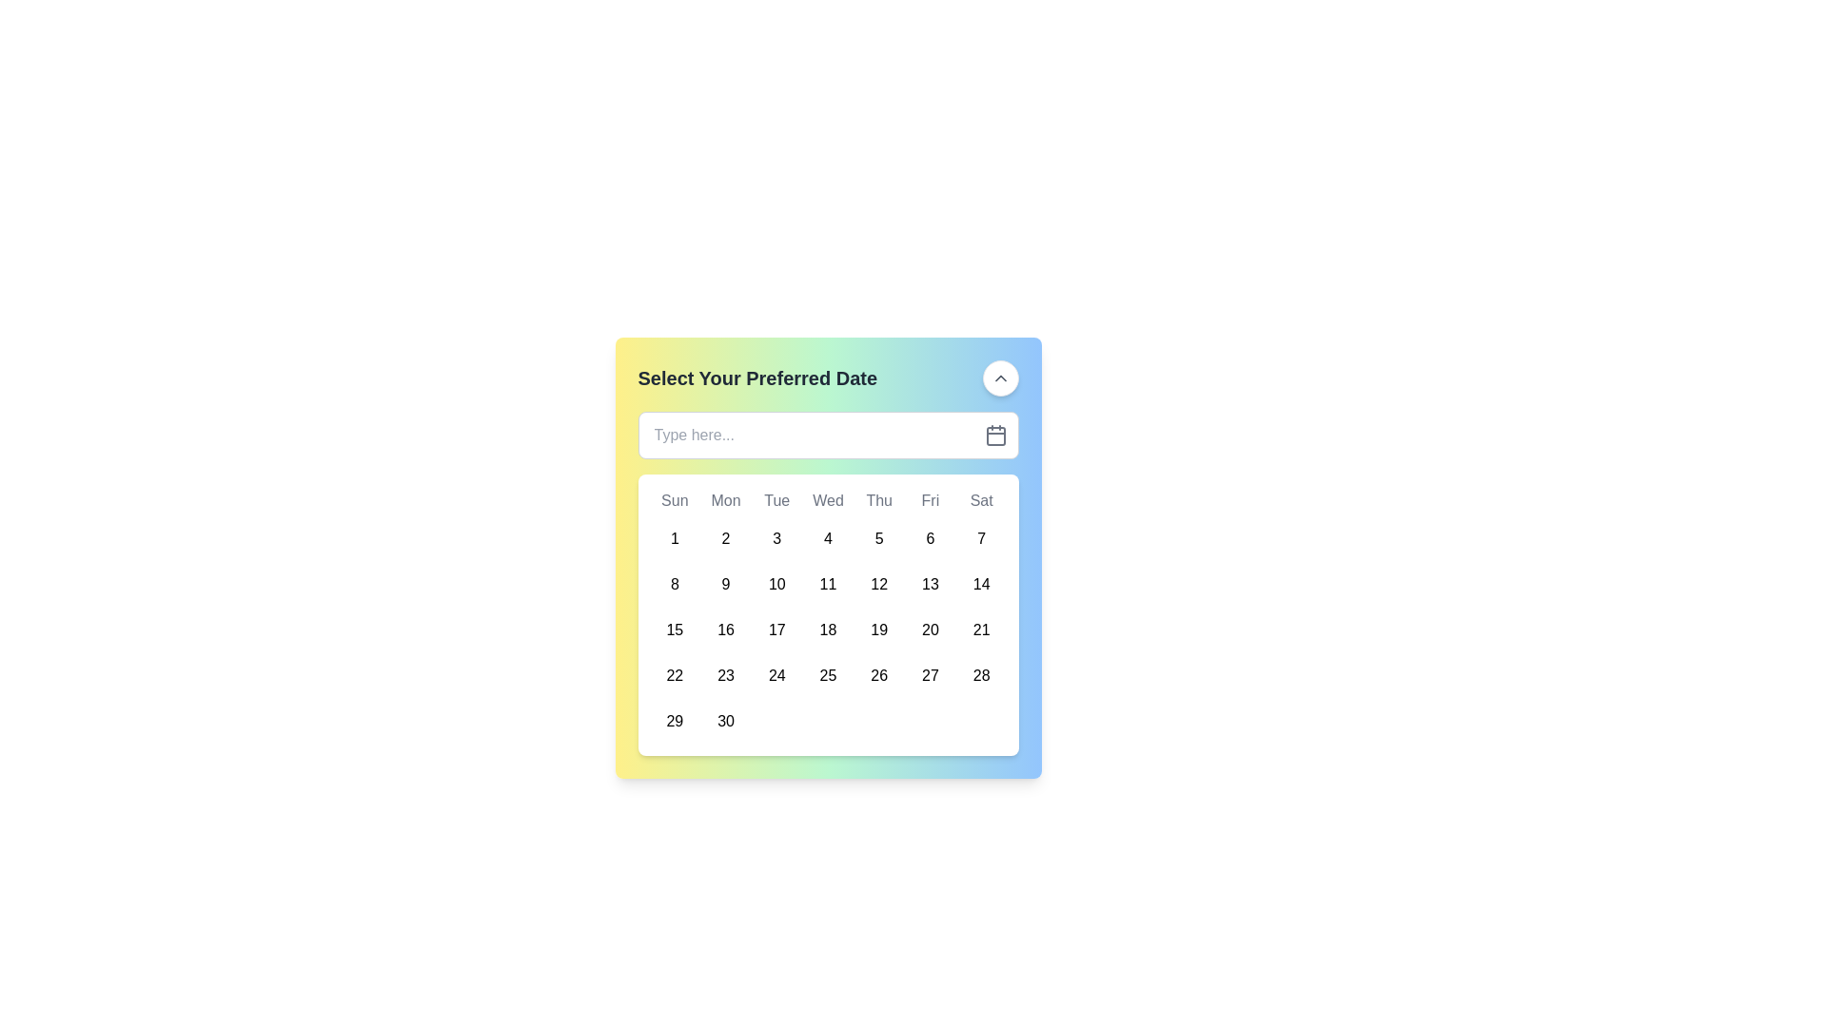 The width and height of the screenshot is (1827, 1027). Describe the element at coordinates (725, 722) in the screenshot. I see `the button` at that location.